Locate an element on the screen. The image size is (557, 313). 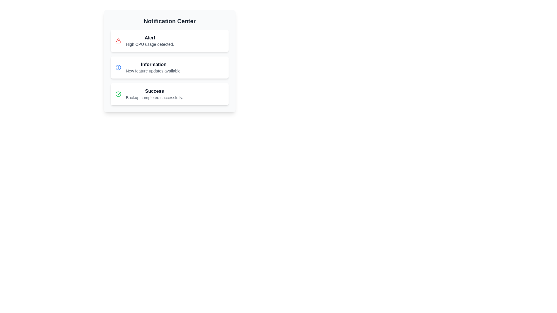
the alert icon indicating high CPU usage in the Notification Center, which is located to the left of the text 'High CPU usage detected.' is located at coordinates (118, 40).